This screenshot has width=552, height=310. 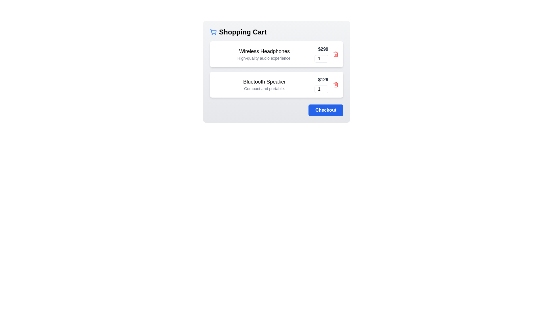 What do you see at coordinates (321, 59) in the screenshot?
I see `the quantity of the item to 67 by interacting with the input field` at bounding box center [321, 59].